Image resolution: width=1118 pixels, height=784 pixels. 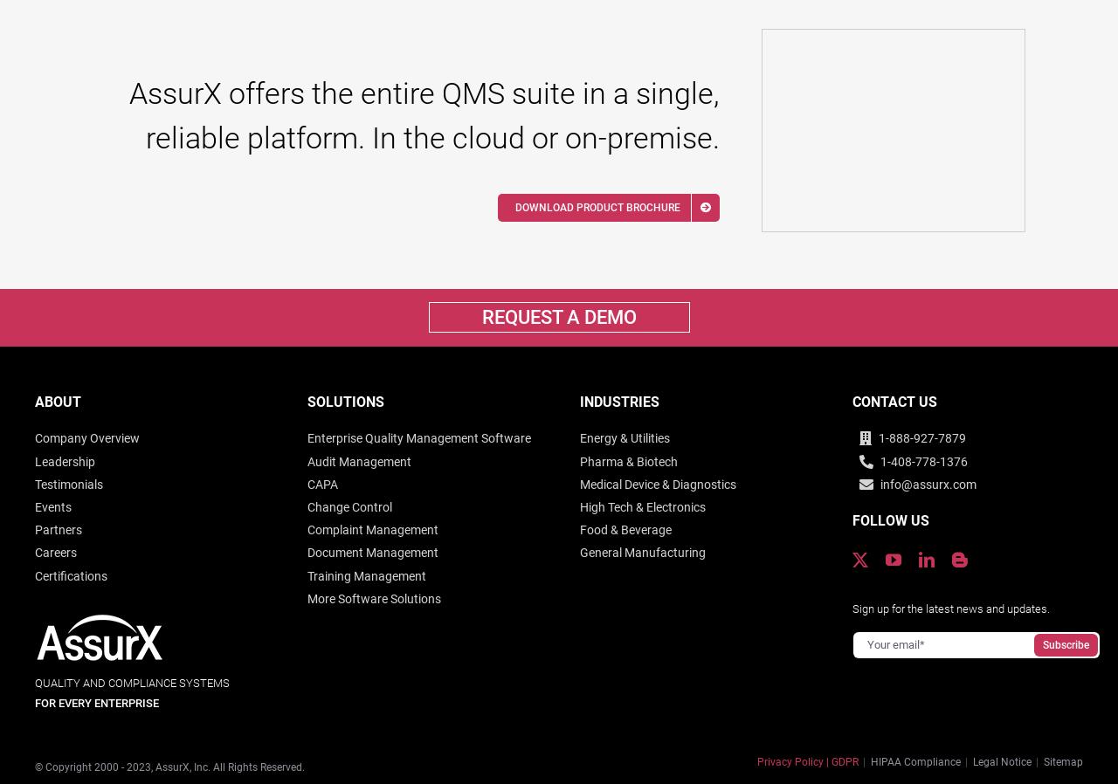 I want to click on 'Sign up for the latest news and updates.', so click(x=949, y=608).